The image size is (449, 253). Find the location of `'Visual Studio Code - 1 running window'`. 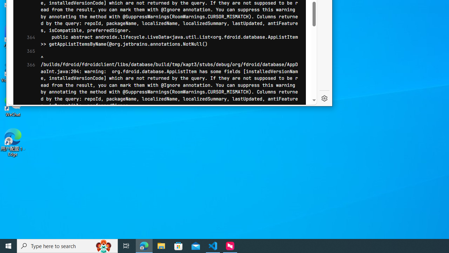

'Visual Studio Code - 1 running window' is located at coordinates (213, 245).